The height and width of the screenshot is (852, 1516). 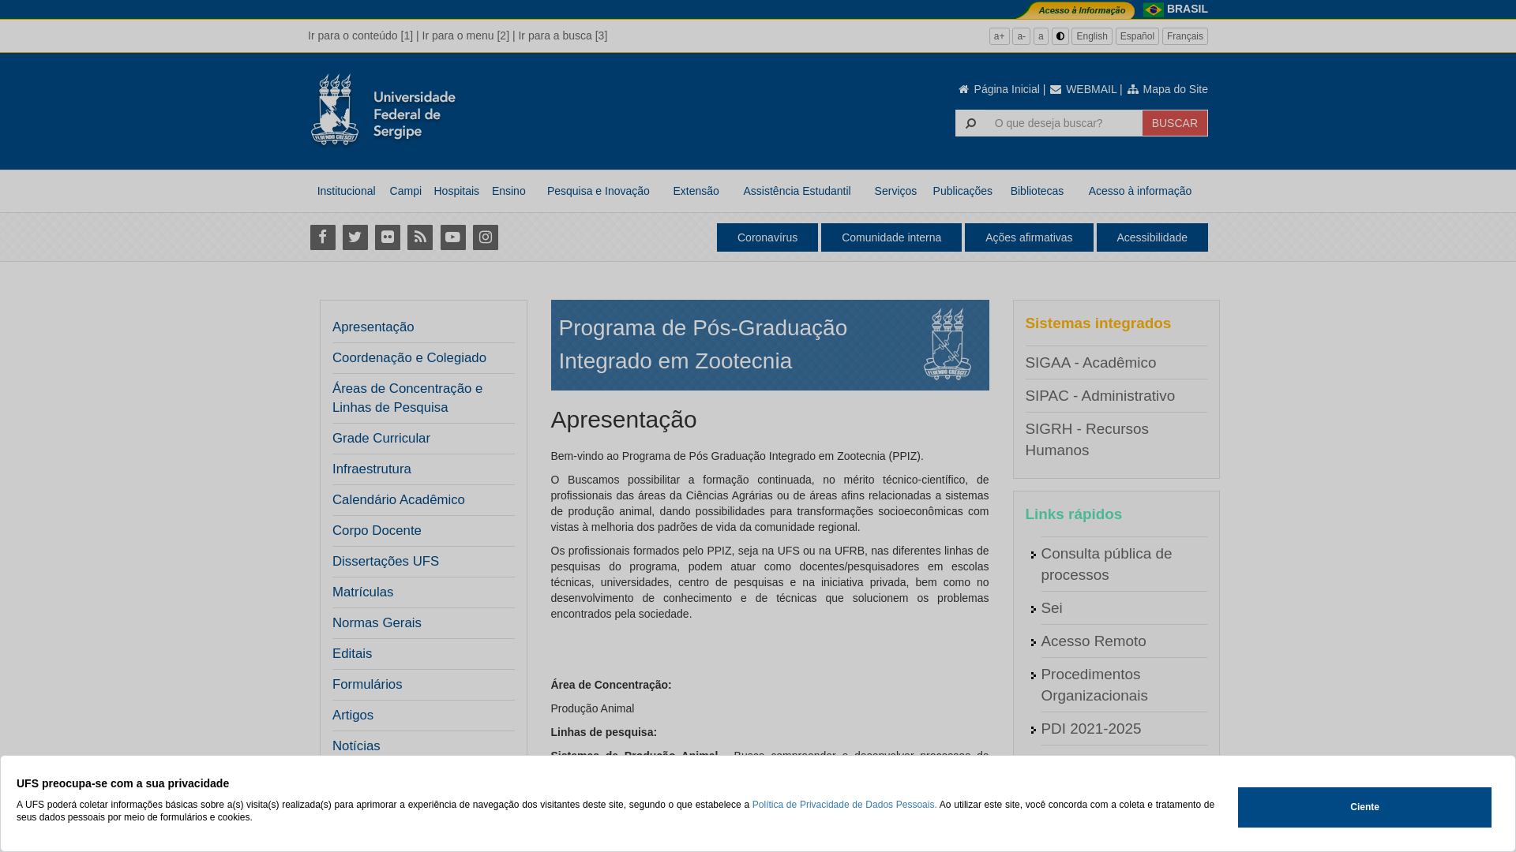 I want to click on 'Acessibilidade', so click(x=1152, y=237).